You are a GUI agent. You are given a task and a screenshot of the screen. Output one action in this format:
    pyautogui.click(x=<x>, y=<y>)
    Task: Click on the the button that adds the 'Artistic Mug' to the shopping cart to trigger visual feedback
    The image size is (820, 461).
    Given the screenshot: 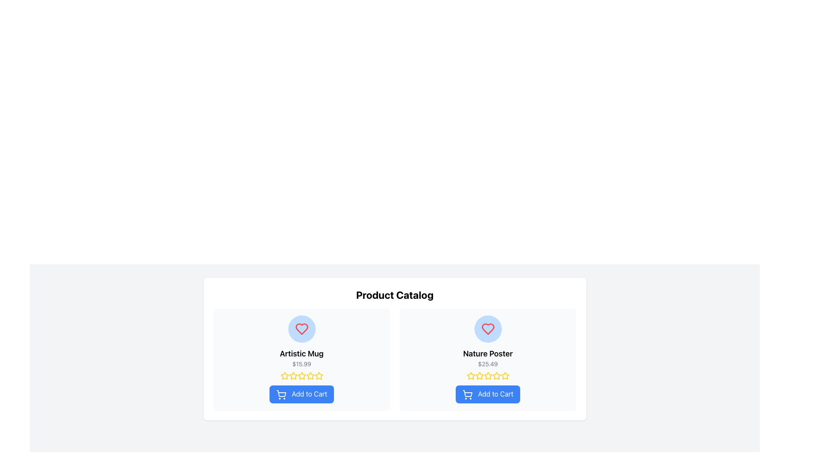 What is the action you would take?
    pyautogui.click(x=302, y=394)
    